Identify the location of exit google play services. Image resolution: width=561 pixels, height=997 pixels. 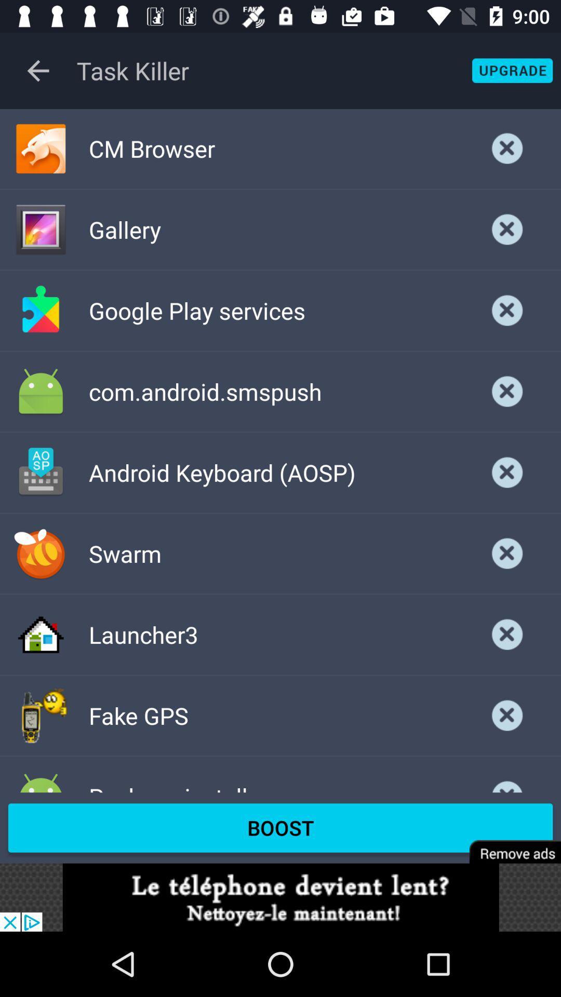
(507, 310).